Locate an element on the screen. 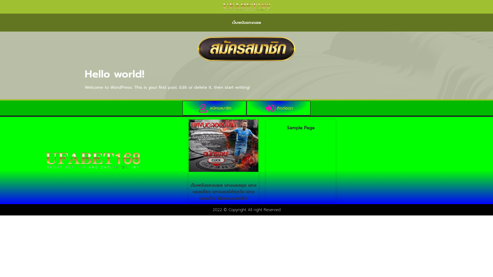 The width and height of the screenshot is (493, 277). 'Sample Page' is located at coordinates (301, 127).